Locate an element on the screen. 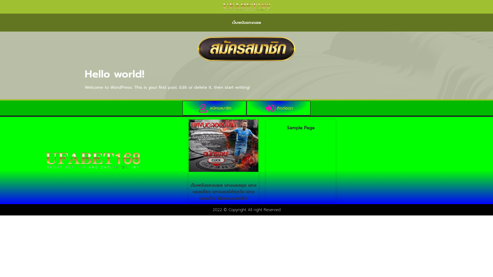 The width and height of the screenshot is (493, 277). 'Sample Page' is located at coordinates (301, 127).